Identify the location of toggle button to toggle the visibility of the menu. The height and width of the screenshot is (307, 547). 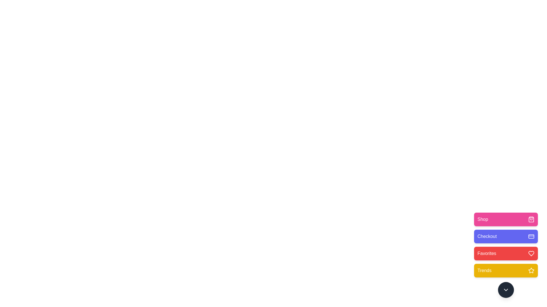
(506, 290).